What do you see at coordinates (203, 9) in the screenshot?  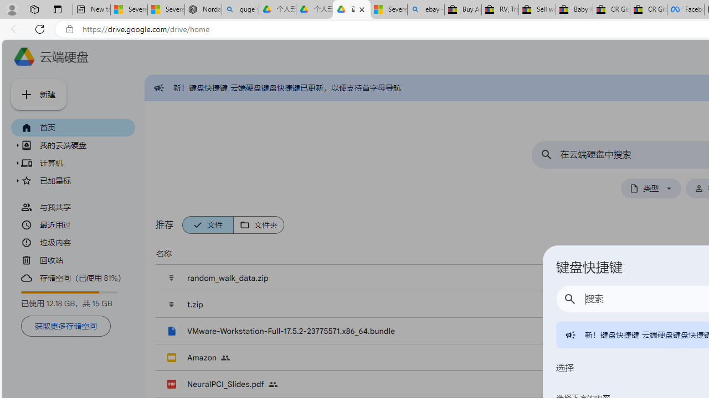 I see `'Nordace - Summer Adventures 2024'` at bounding box center [203, 9].